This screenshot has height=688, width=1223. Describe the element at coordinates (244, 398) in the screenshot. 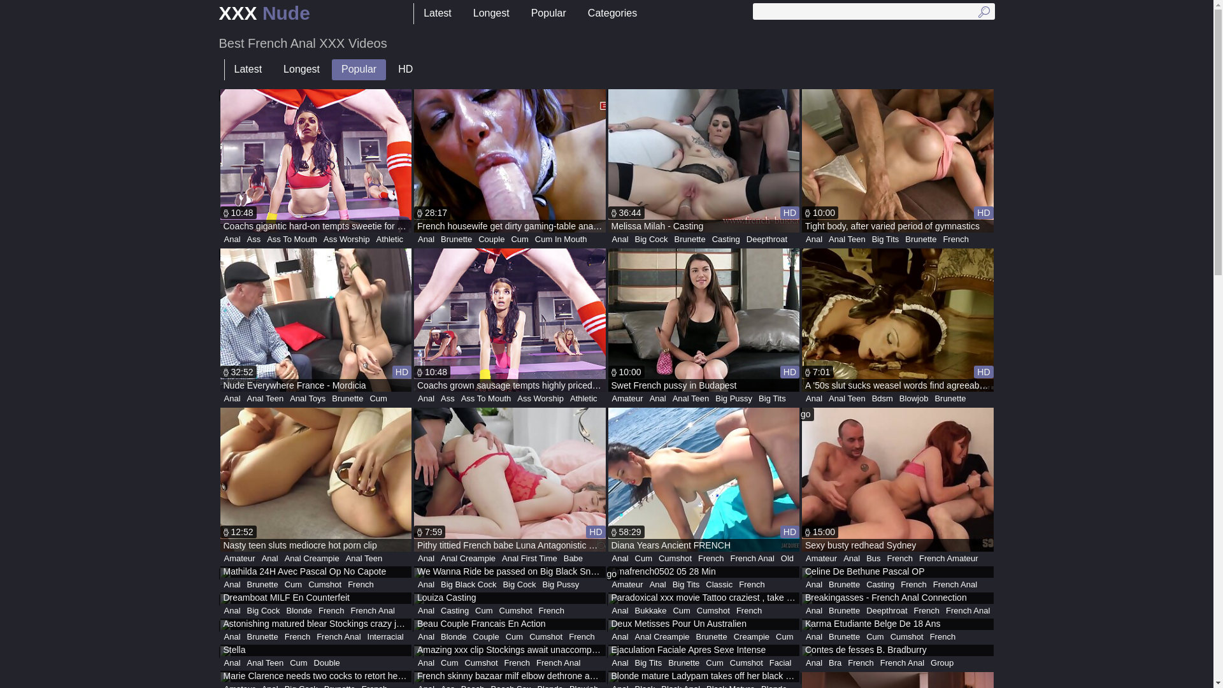

I see `'Anal Teen'` at that location.